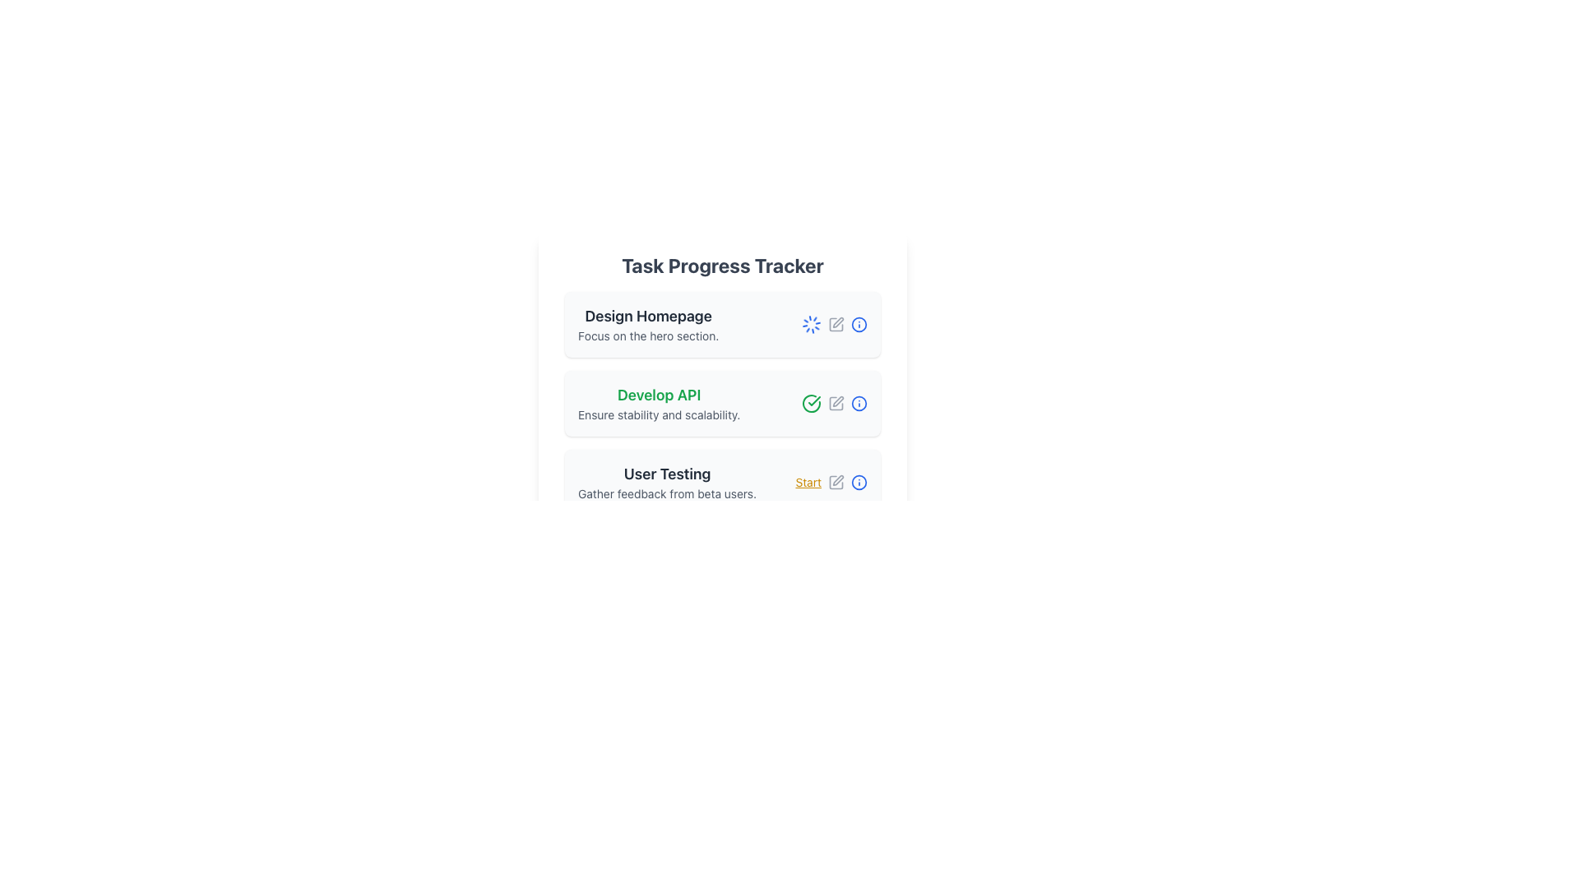 This screenshot has width=1579, height=888. Describe the element at coordinates (859, 324) in the screenshot. I see `the Icon button located on the right side of the 'Develop API' task` at that location.